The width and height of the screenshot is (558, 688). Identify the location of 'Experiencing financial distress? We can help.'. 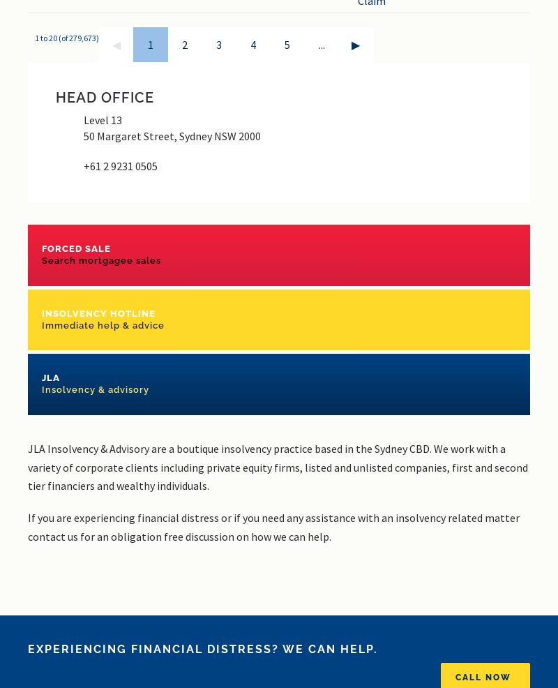
(203, 648).